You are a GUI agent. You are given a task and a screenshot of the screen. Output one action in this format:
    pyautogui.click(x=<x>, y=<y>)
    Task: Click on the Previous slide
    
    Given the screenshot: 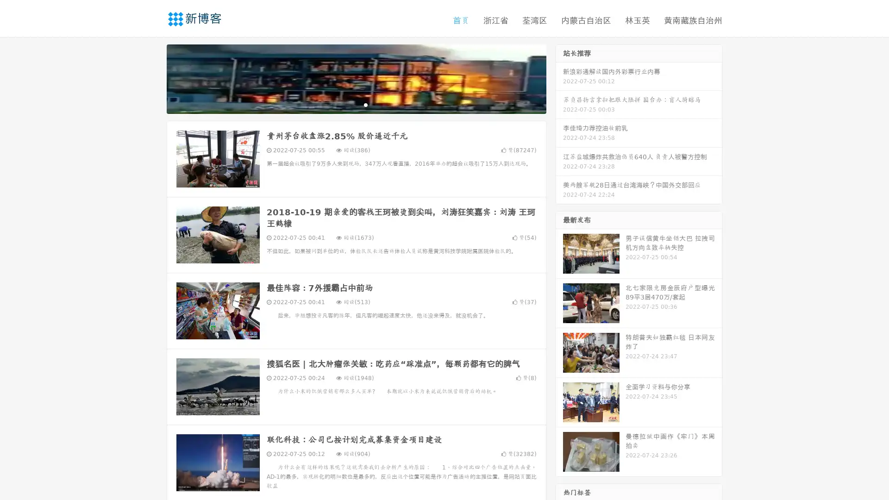 What is the action you would take?
    pyautogui.click(x=153, y=78)
    